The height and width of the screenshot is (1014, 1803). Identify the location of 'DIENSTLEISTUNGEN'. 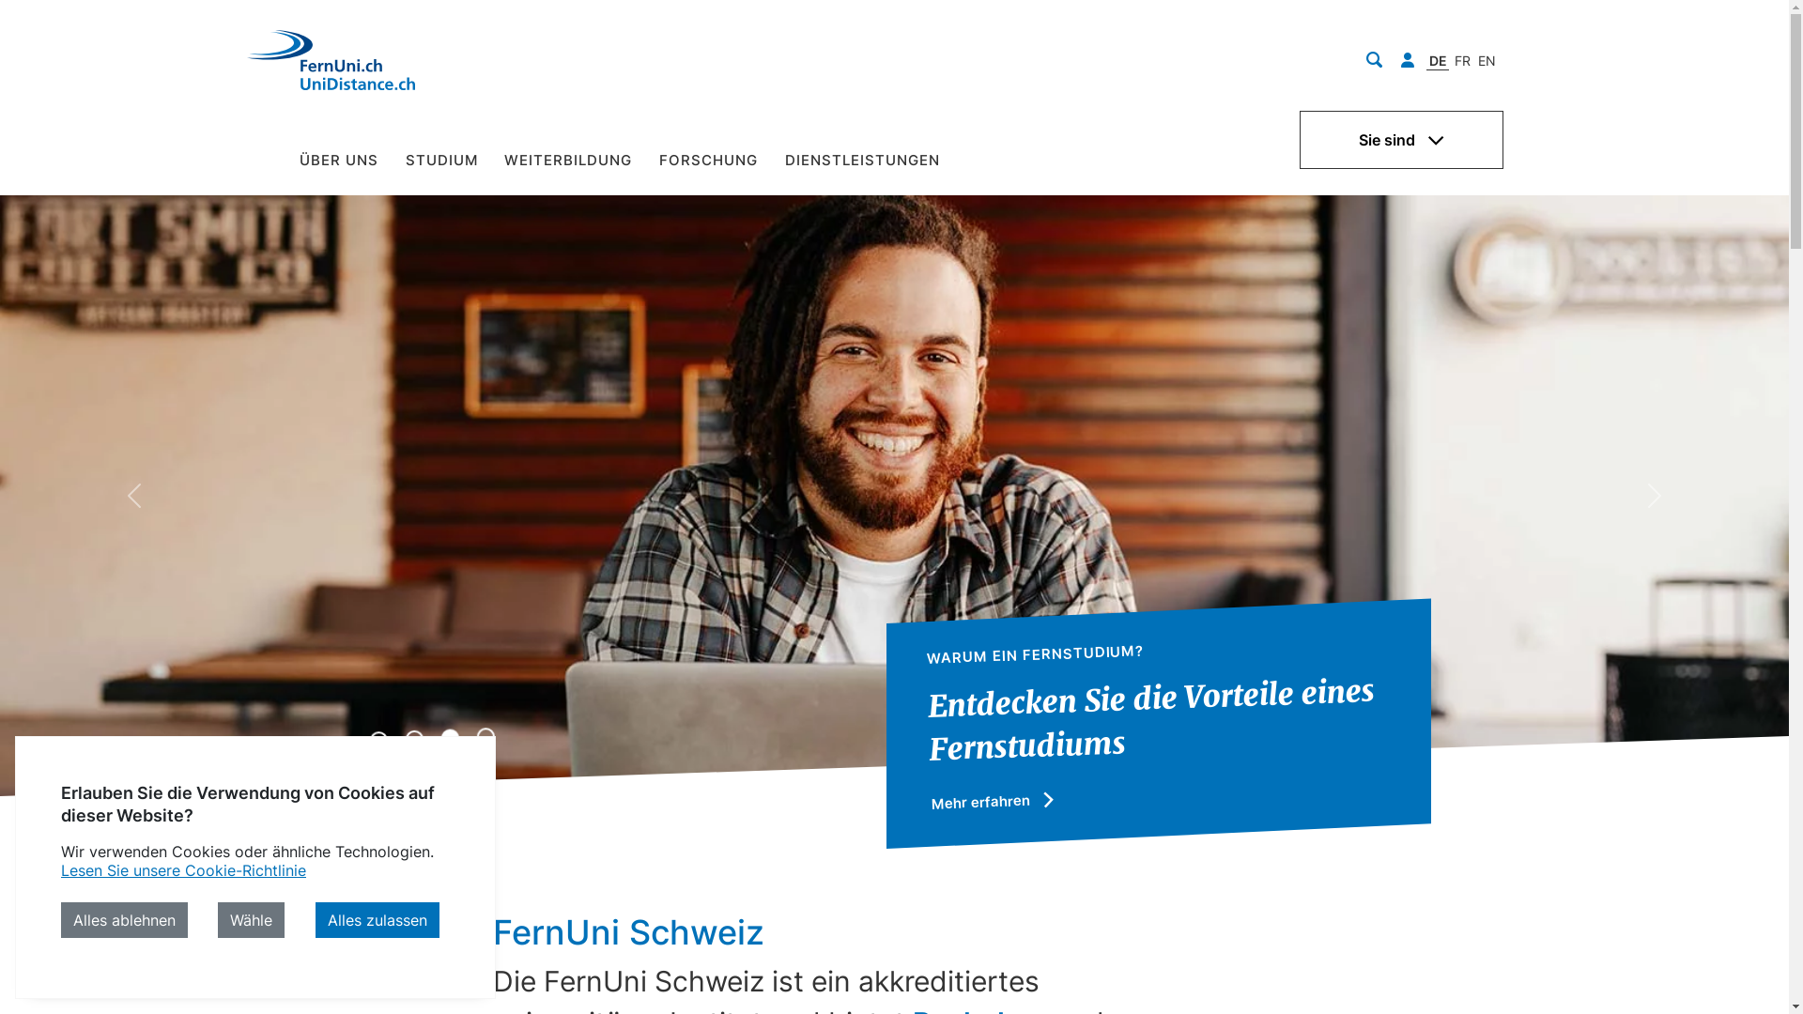
(860, 165).